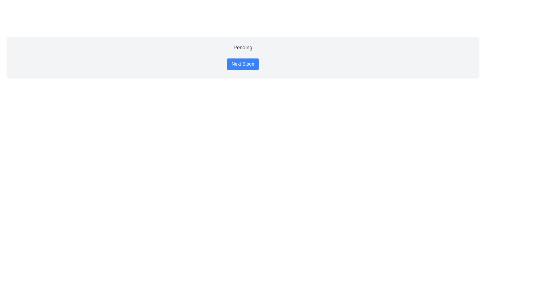  I want to click on the static text label displaying 'Pending', which is styled in medium-sized, bold dark gray font and located above the blue 'Next Stage' button, so click(243, 47).